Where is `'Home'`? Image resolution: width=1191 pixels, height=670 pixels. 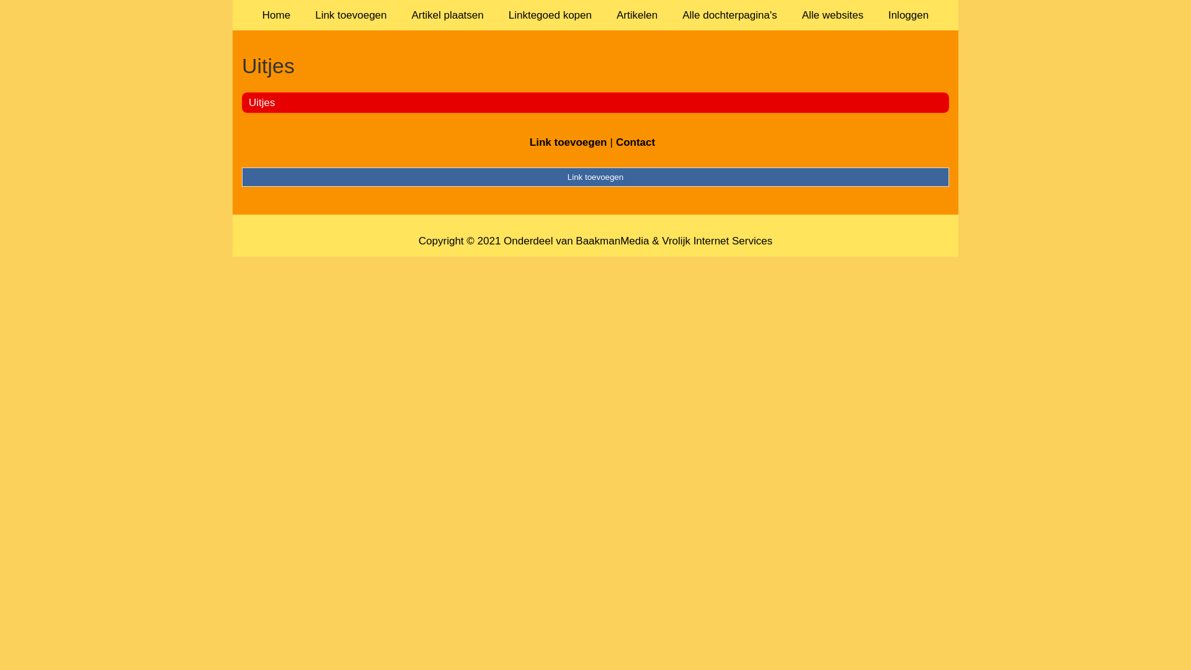
'Home' is located at coordinates (275, 15).